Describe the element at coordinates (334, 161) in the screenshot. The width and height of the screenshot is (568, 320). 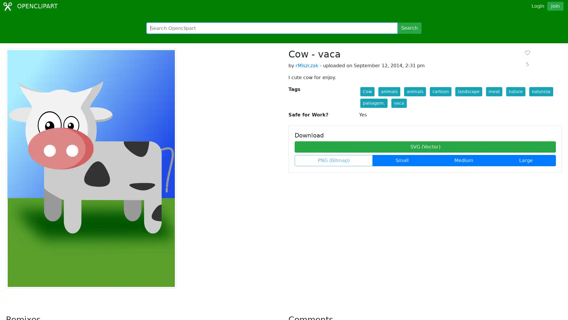
I see `PNG (Bitmap)` at that location.